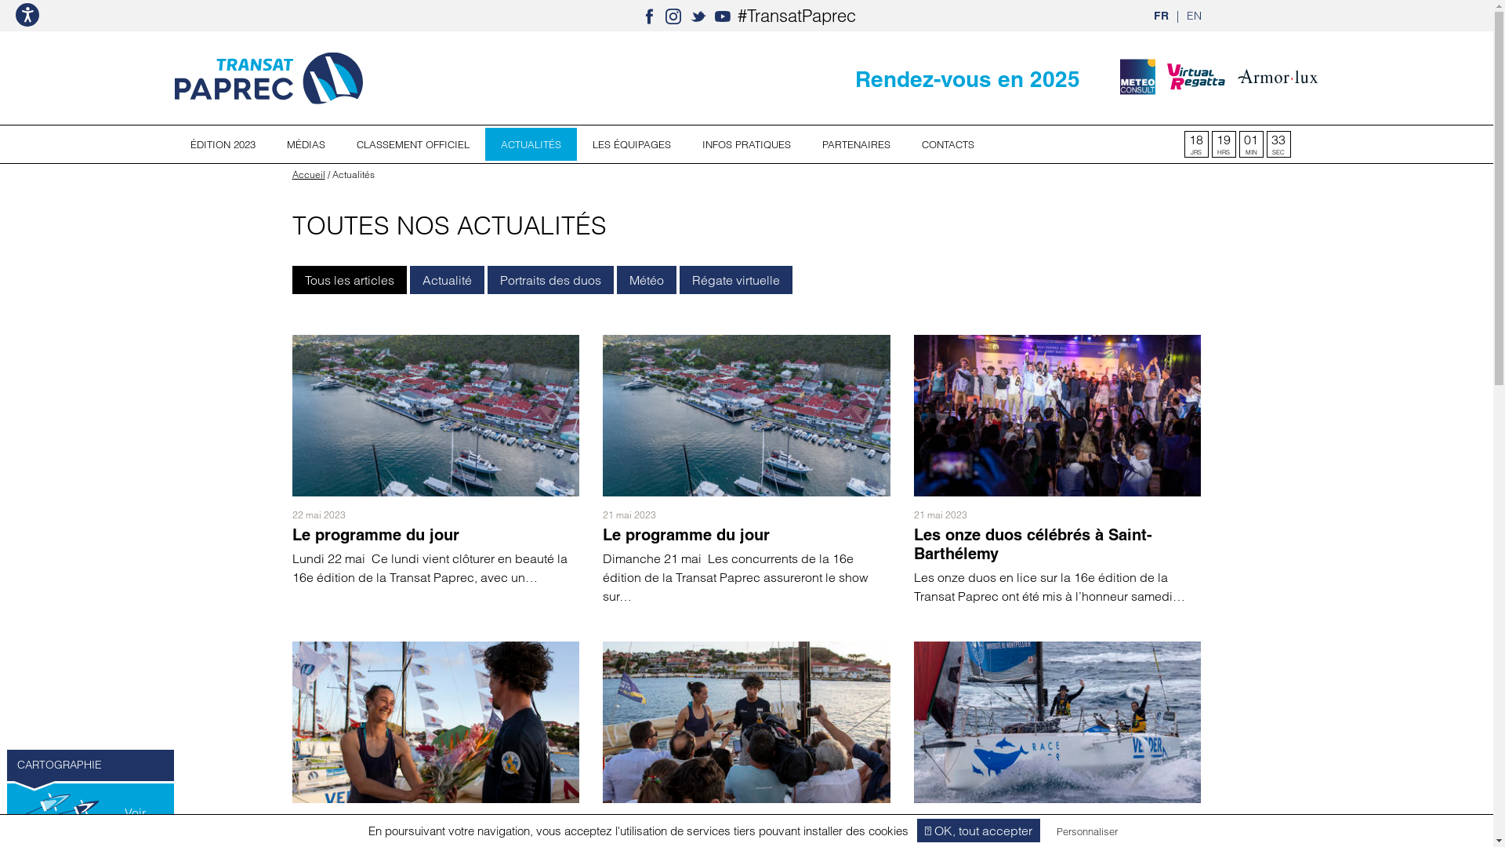 The height and width of the screenshot is (847, 1505). What do you see at coordinates (1086, 831) in the screenshot?
I see `'Personnaliser'` at bounding box center [1086, 831].